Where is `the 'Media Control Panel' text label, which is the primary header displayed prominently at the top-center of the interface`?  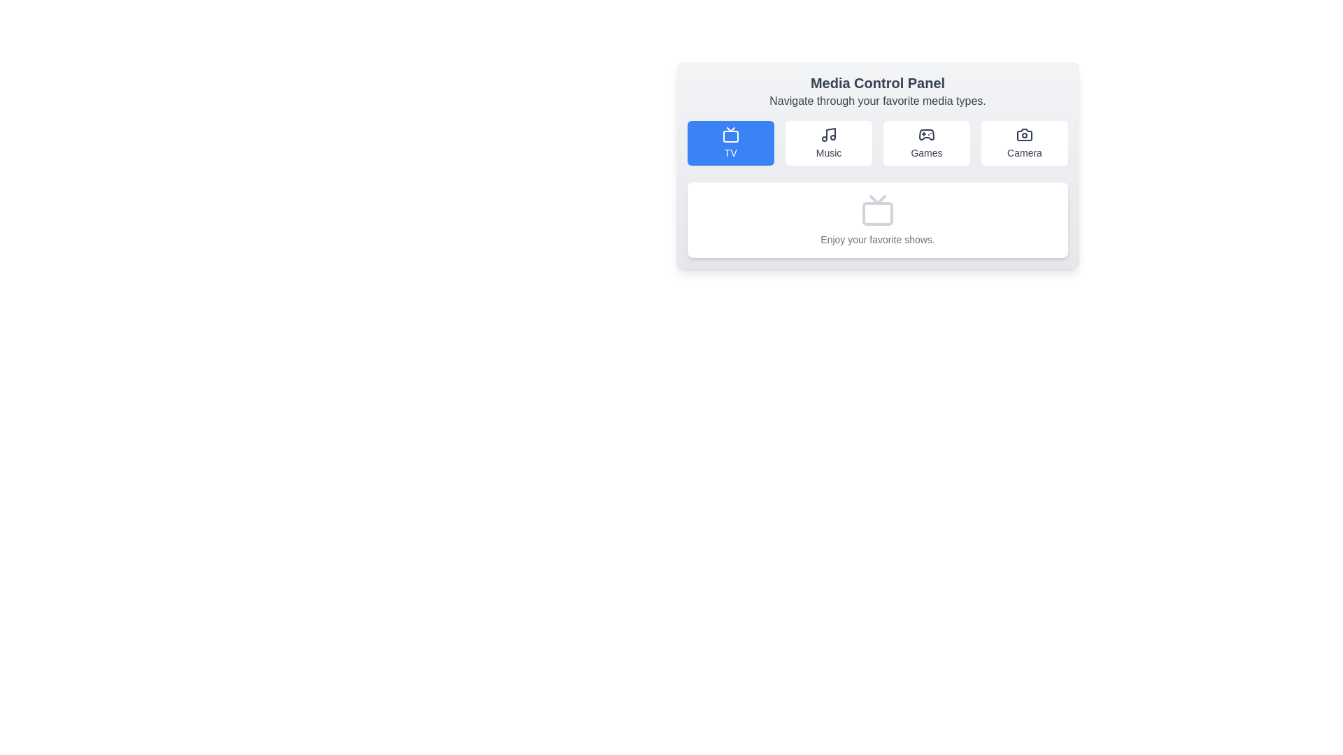
the 'Media Control Panel' text label, which is the primary header displayed prominently at the top-center of the interface is located at coordinates (876, 83).